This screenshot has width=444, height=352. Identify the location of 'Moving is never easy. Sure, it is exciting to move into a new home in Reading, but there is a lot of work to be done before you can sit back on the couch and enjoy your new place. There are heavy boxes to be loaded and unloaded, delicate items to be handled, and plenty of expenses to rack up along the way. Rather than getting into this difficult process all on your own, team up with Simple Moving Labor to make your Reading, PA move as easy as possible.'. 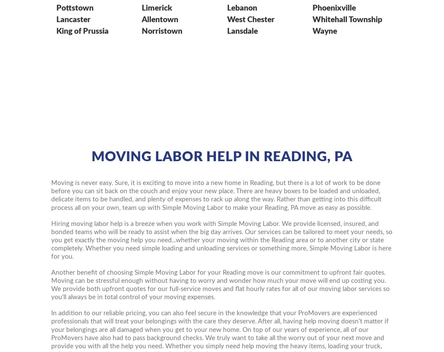
(216, 195).